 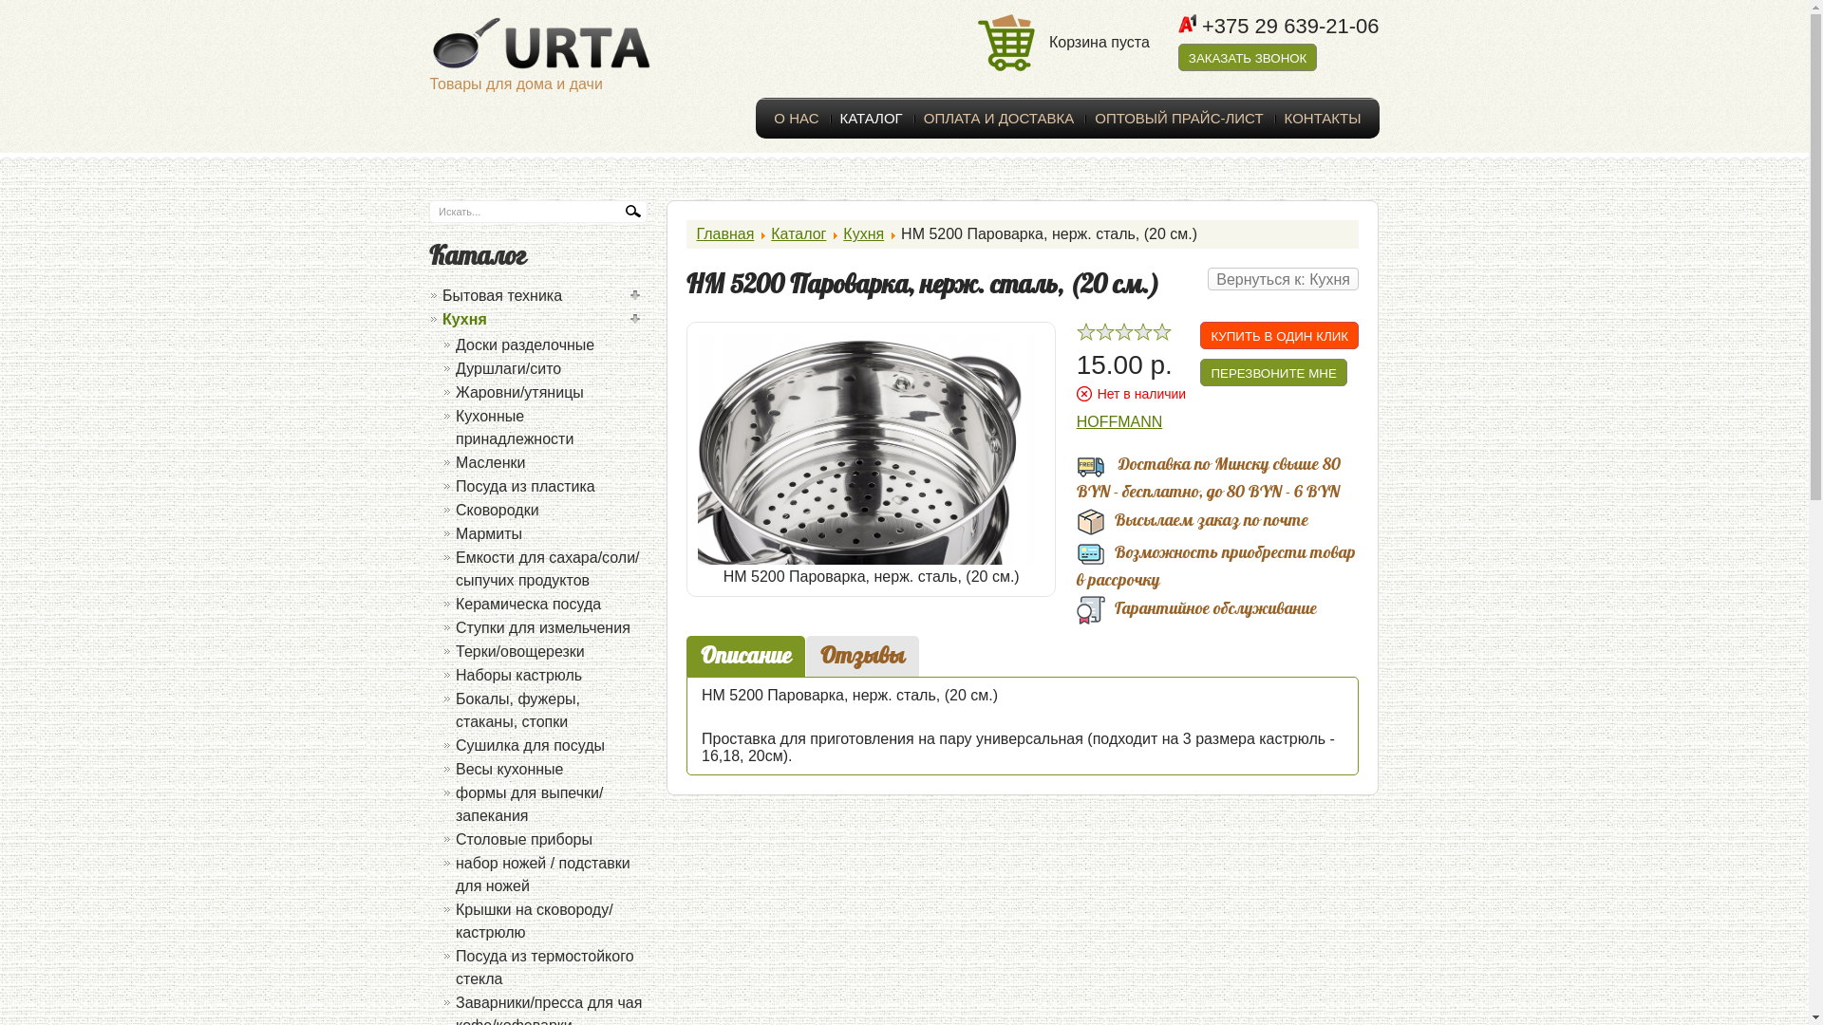 I want to click on 'HOFFMANN', so click(x=1076, y=420).